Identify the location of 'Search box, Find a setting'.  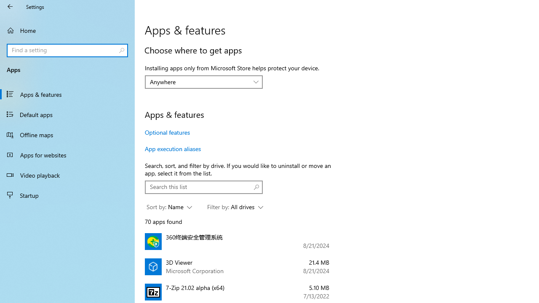
(67, 50).